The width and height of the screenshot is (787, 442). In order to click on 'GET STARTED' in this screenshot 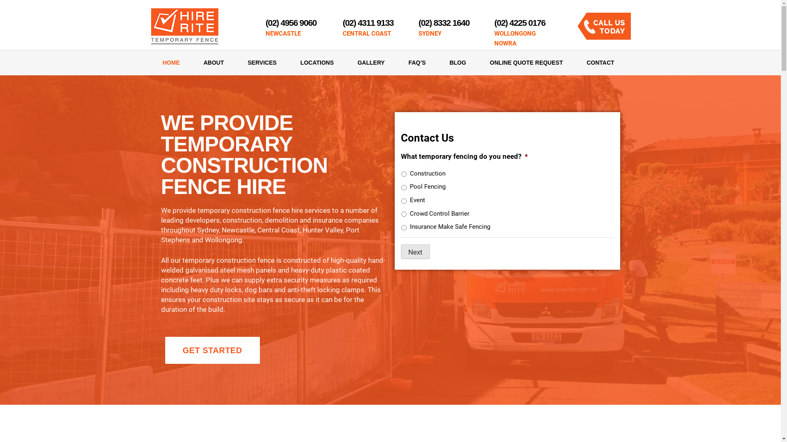, I will do `click(212, 350)`.